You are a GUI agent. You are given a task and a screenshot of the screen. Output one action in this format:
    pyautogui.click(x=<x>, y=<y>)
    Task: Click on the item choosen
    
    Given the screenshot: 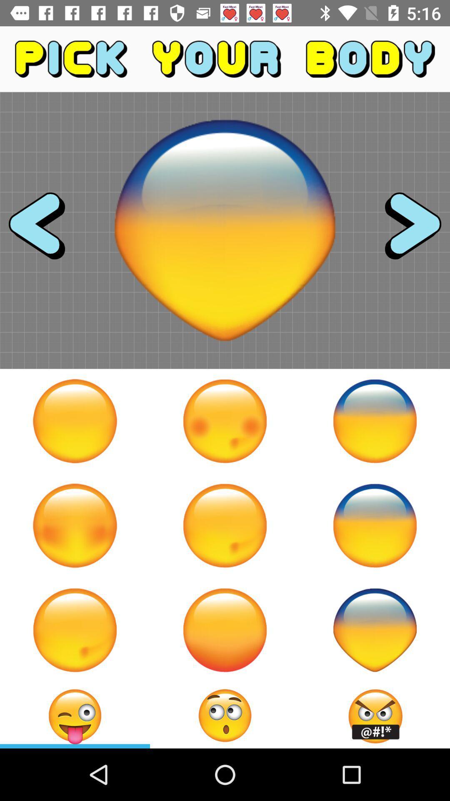 What is the action you would take?
    pyautogui.click(x=225, y=715)
    